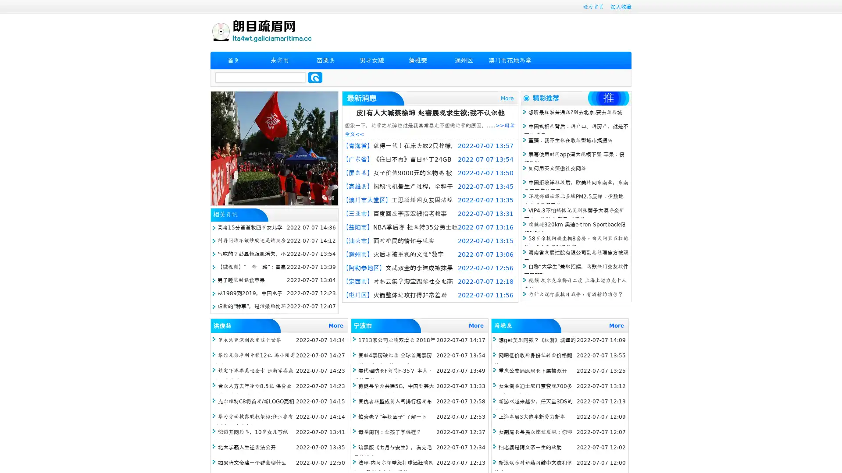 This screenshot has width=842, height=473. What do you see at coordinates (315, 77) in the screenshot?
I see `Search` at bounding box center [315, 77].